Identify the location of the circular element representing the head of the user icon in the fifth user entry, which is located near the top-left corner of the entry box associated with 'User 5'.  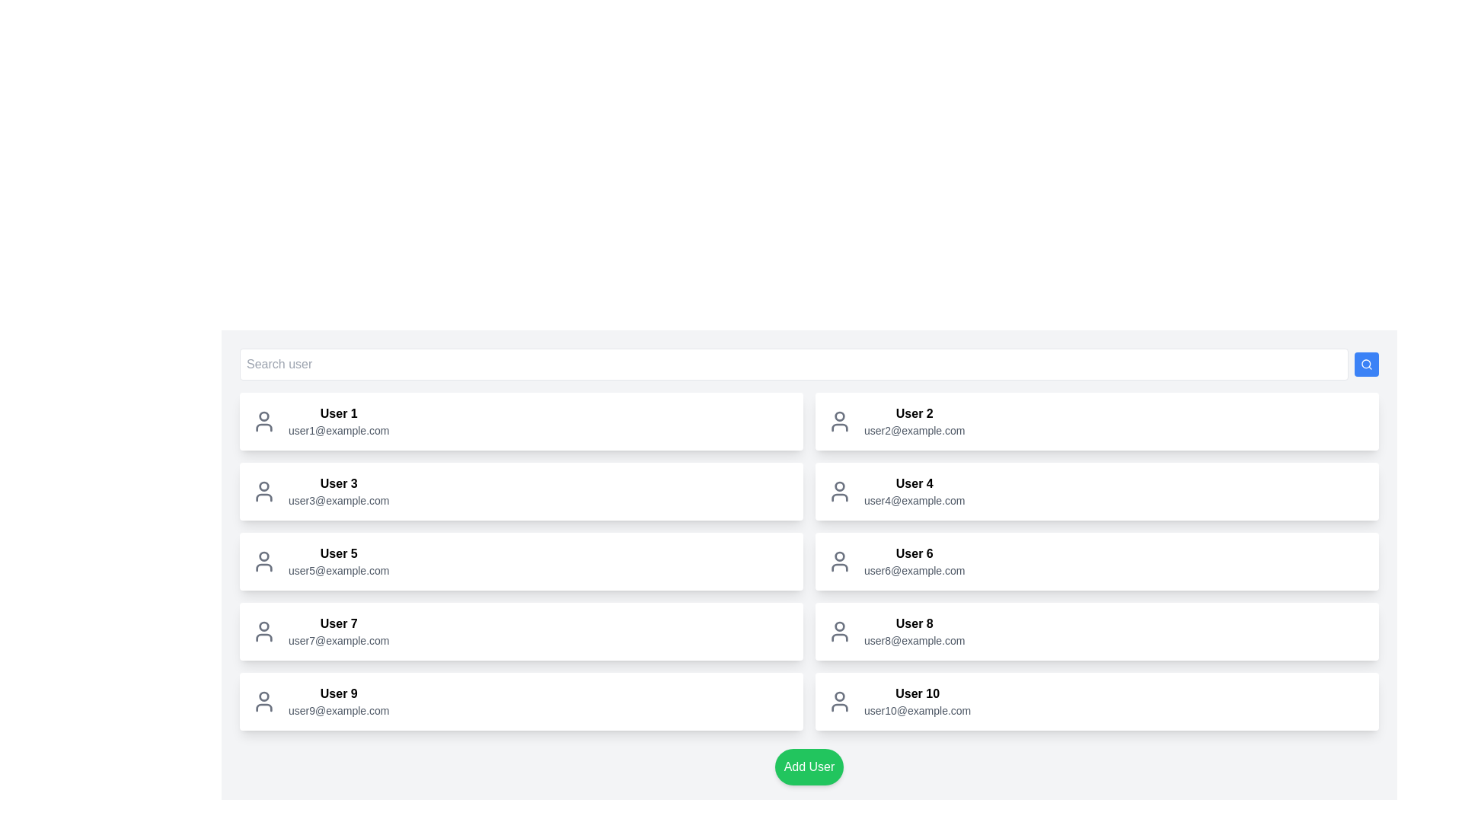
(263, 556).